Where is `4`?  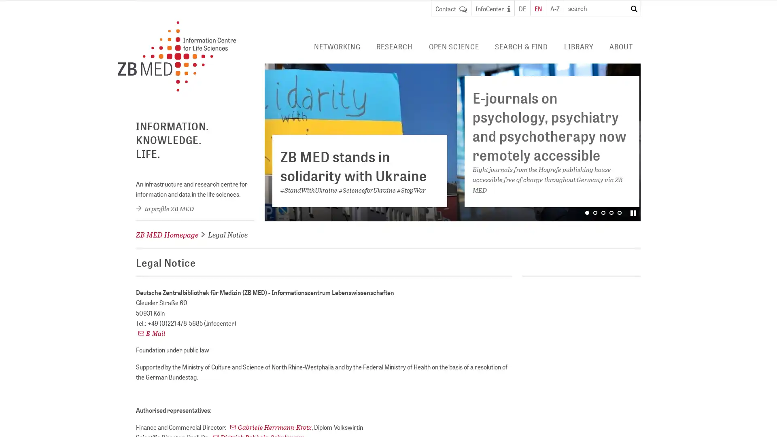
4 is located at coordinates (611, 212).